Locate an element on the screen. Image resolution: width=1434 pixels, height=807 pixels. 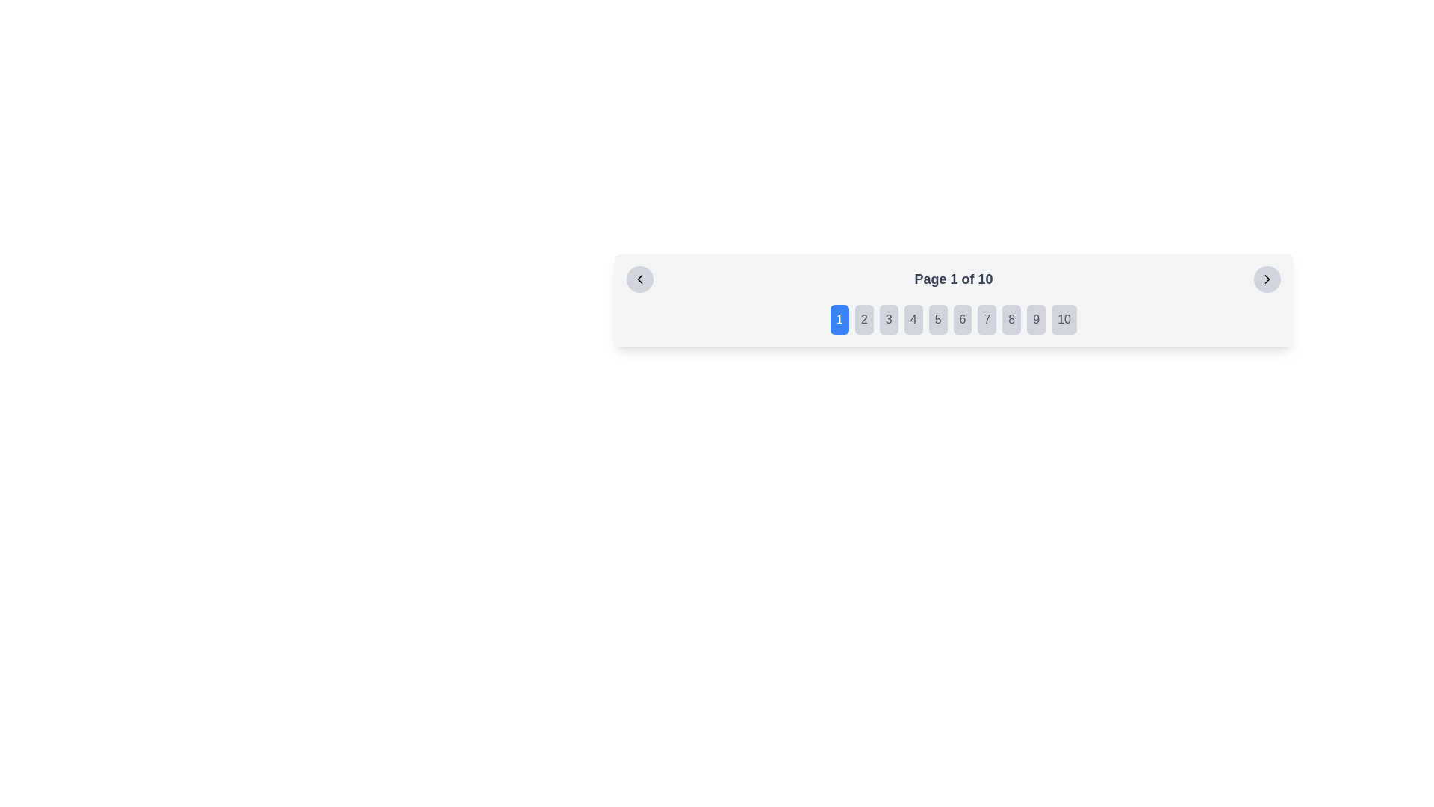
the blue button with a white numeral '1' in the pagination bar is located at coordinates (839, 319).